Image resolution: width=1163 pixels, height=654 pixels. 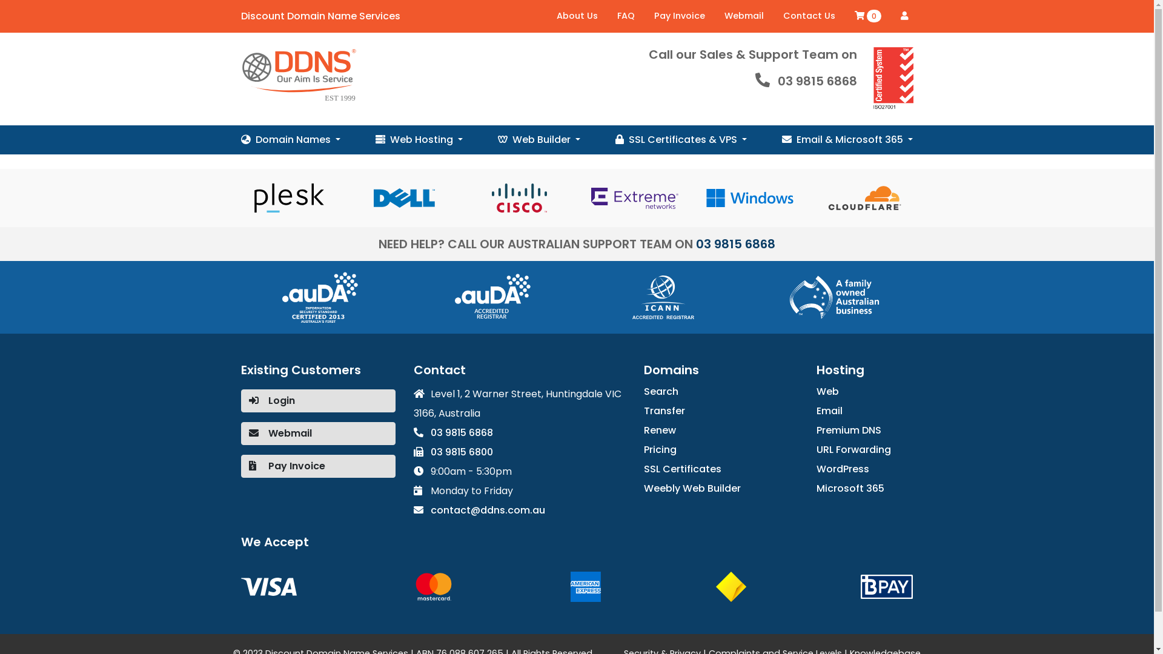 What do you see at coordinates (864, 487) in the screenshot?
I see `'Microsoft 365'` at bounding box center [864, 487].